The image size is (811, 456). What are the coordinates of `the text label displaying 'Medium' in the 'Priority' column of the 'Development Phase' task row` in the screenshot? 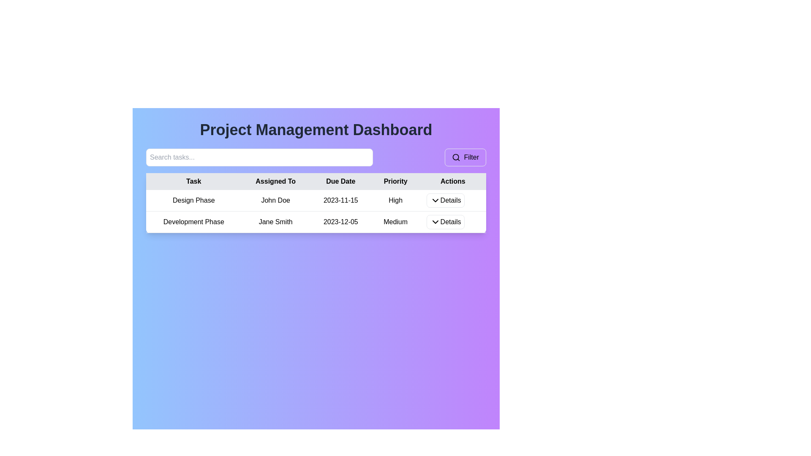 It's located at (395, 221).